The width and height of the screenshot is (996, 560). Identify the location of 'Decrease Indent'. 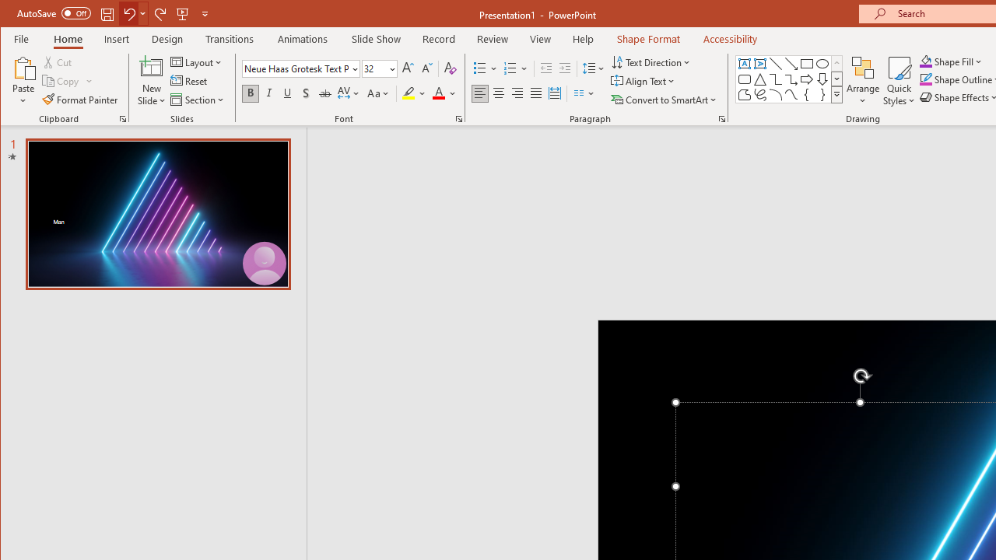
(546, 68).